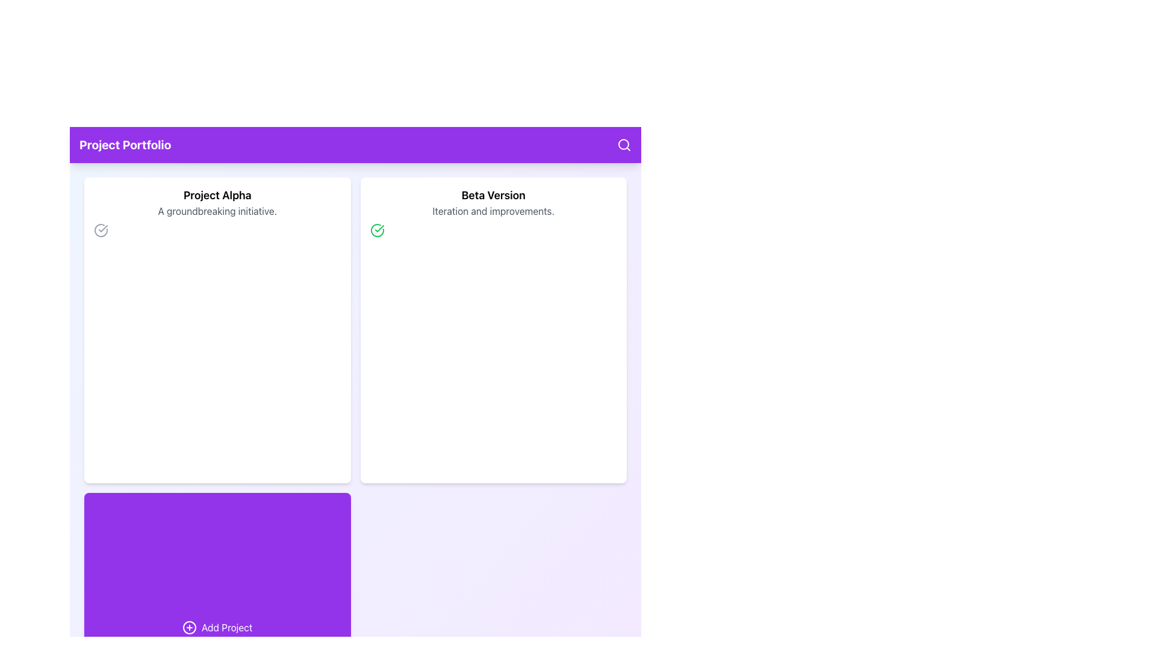  What do you see at coordinates (493, 211) in the screenshot?
I see `the descriptive text located beneath the title 'Beta Version' within the card labeled 'Beta Version'` at bounding box center [493, 211].